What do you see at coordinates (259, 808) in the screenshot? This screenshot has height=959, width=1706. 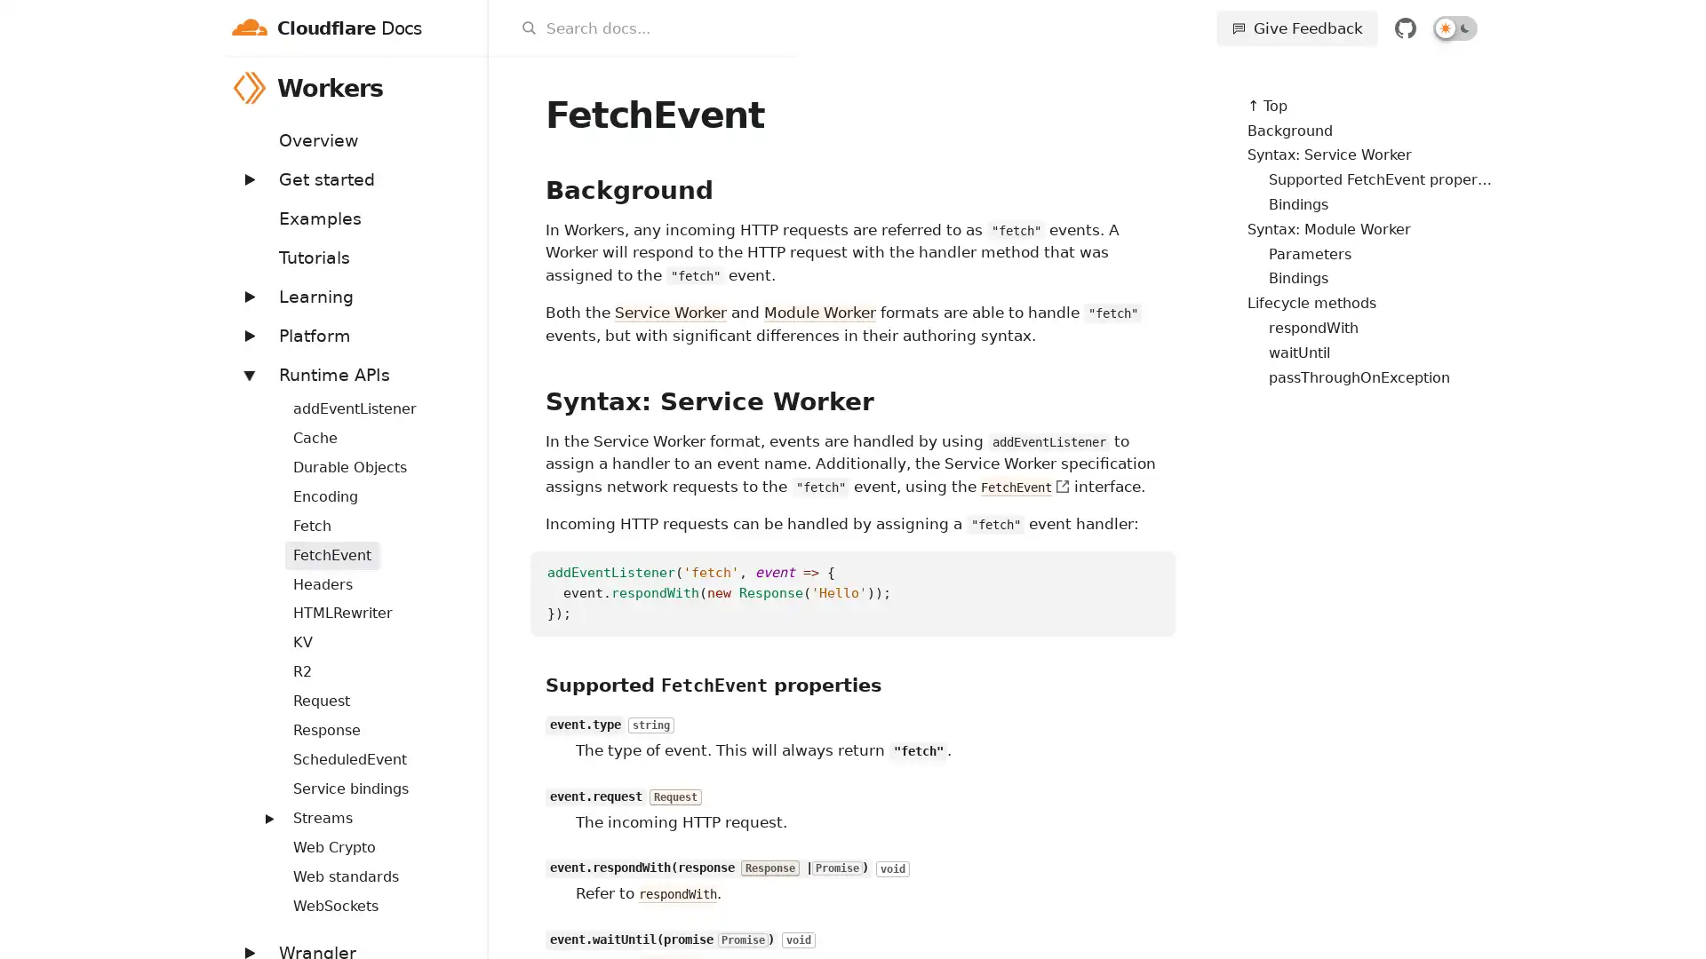 I see `Expand: Workers Sites` at bounding box center [259, 808].